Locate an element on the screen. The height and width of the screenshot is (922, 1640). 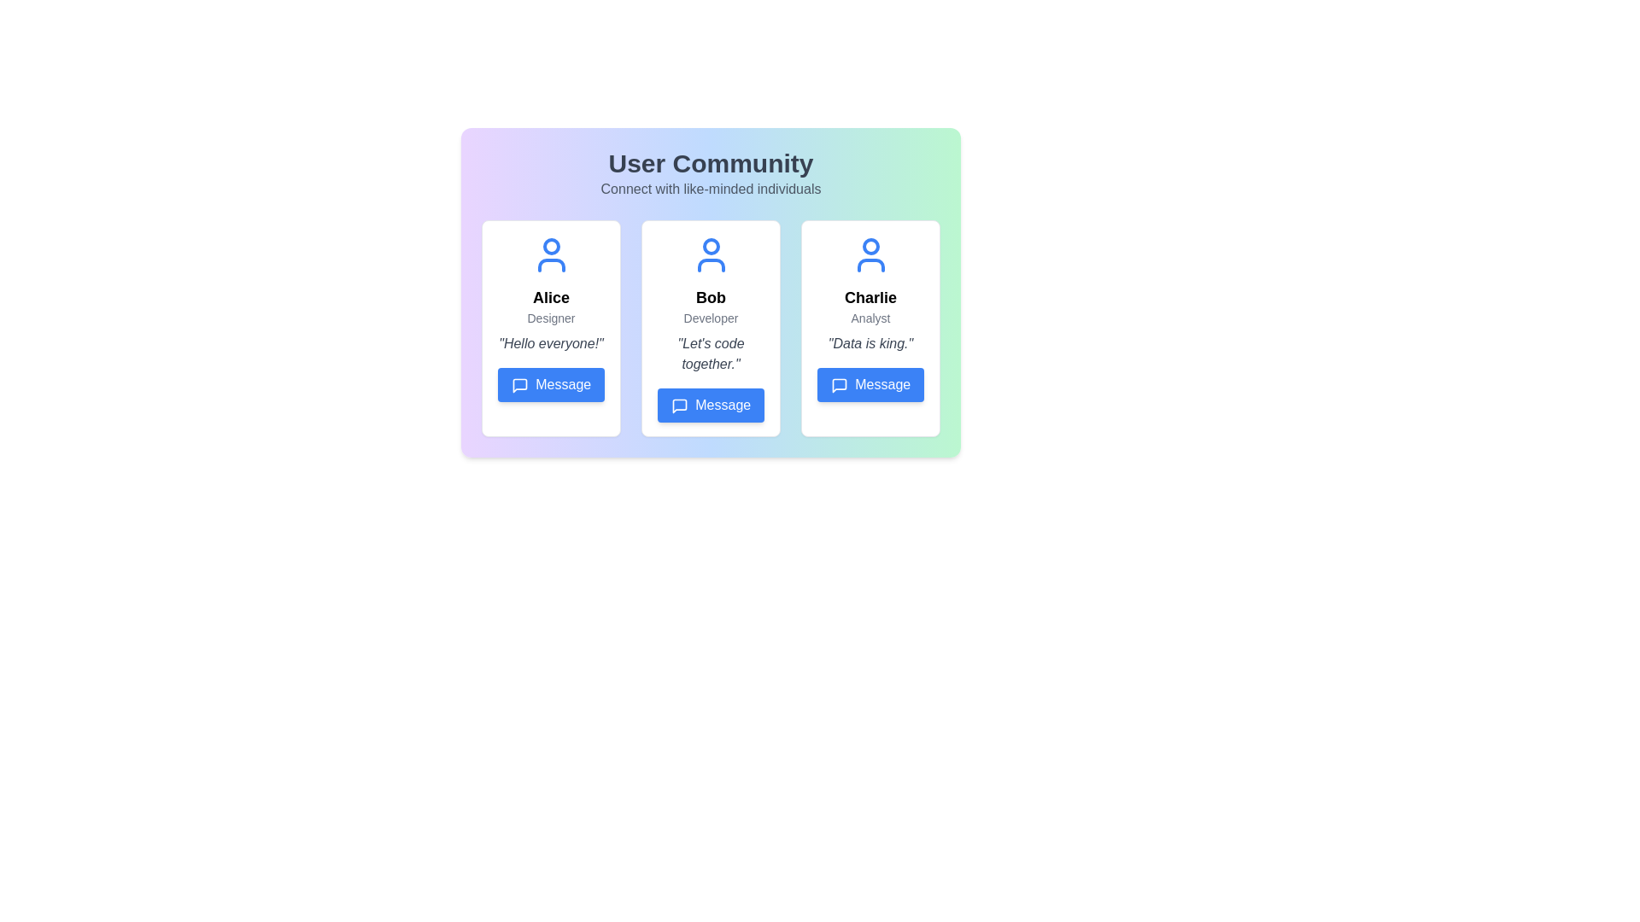
the SVG circle representing the head in the user icon for user 'Charlie' on the third card in the user community section is located at coordinates (870, 247).